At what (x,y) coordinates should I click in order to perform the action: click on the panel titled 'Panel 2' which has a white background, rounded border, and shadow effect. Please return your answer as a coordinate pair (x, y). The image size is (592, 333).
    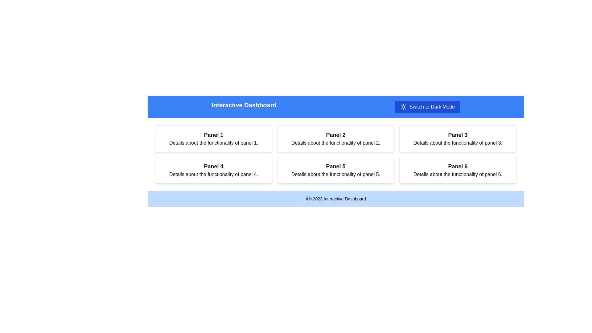
    Looking at the image, I should click on (335, 139).